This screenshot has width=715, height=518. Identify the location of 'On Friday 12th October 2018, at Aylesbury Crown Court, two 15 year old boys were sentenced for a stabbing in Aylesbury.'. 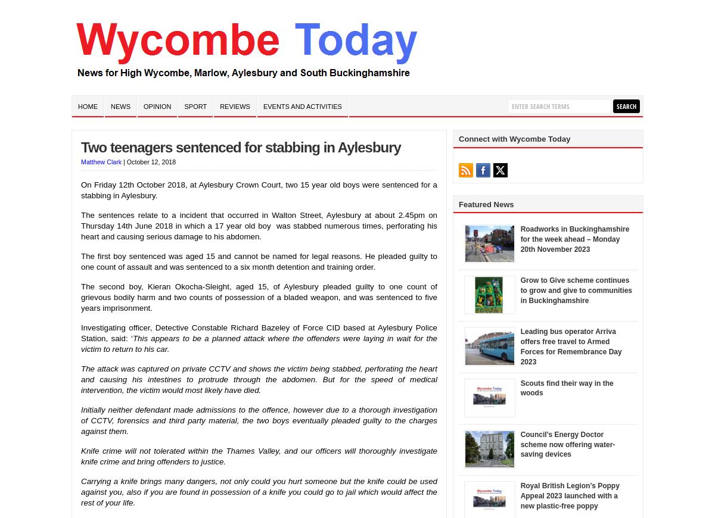
(80, 189).